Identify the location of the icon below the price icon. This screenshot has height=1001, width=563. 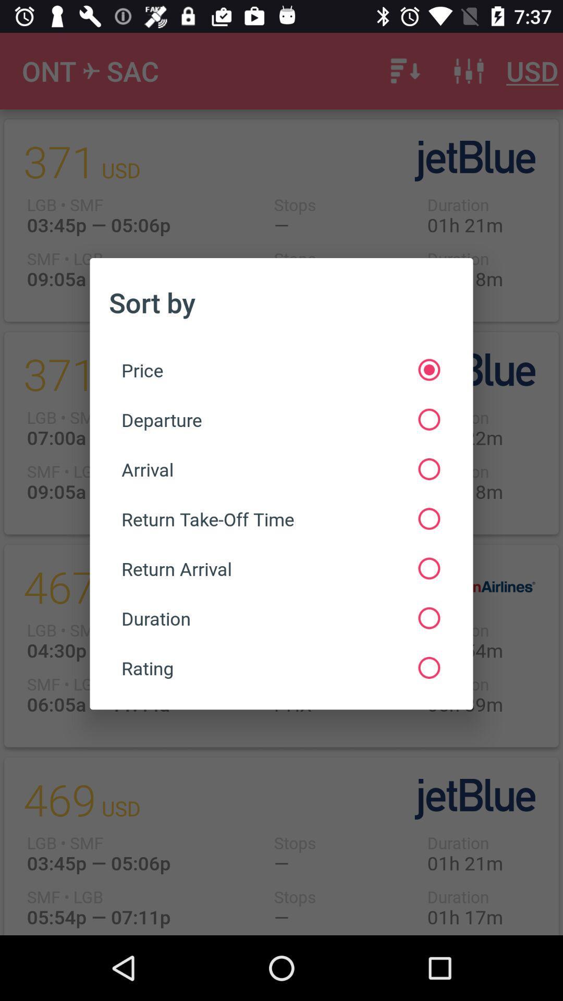
(280, 420).